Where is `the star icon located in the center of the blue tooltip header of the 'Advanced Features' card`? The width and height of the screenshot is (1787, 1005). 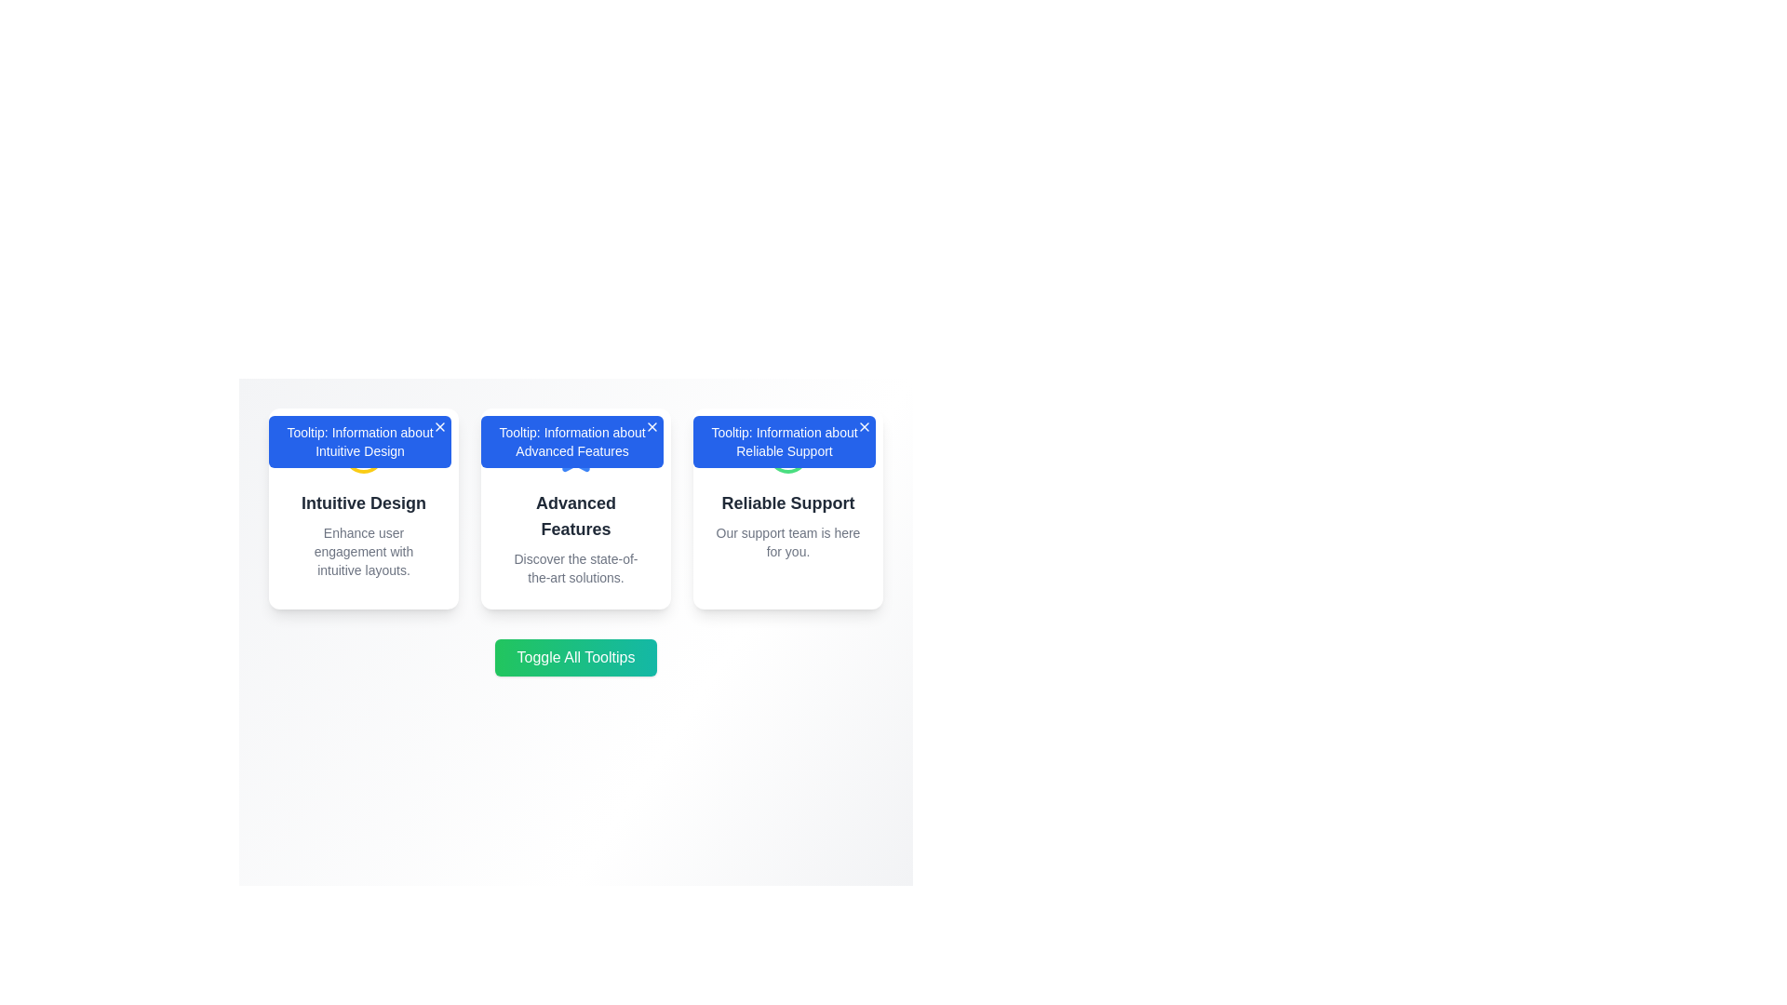
the star icon located in the center of the blue tooltip header of the 'Advanced Features' card is located at coordinates (575, 452).